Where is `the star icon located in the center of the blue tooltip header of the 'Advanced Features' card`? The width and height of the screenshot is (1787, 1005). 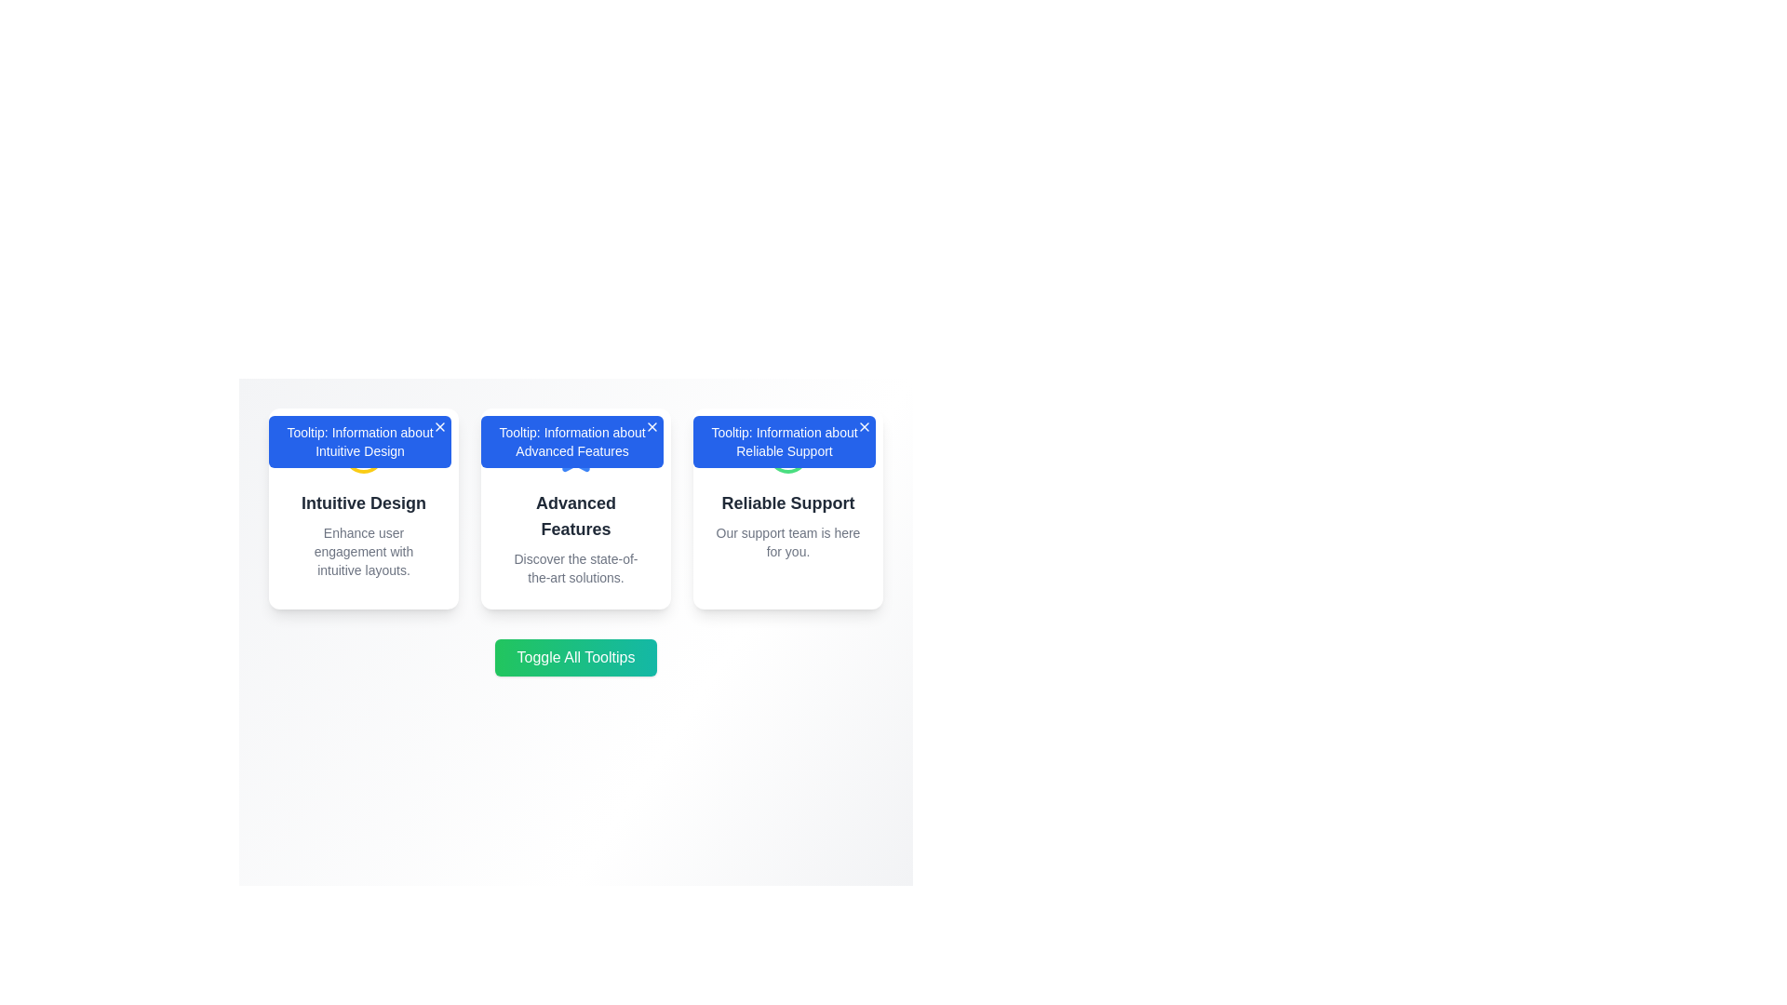
the star icon located in the center of the blue tooltip header of the 'Advanced Features' card is located at coordinates (575, 452).